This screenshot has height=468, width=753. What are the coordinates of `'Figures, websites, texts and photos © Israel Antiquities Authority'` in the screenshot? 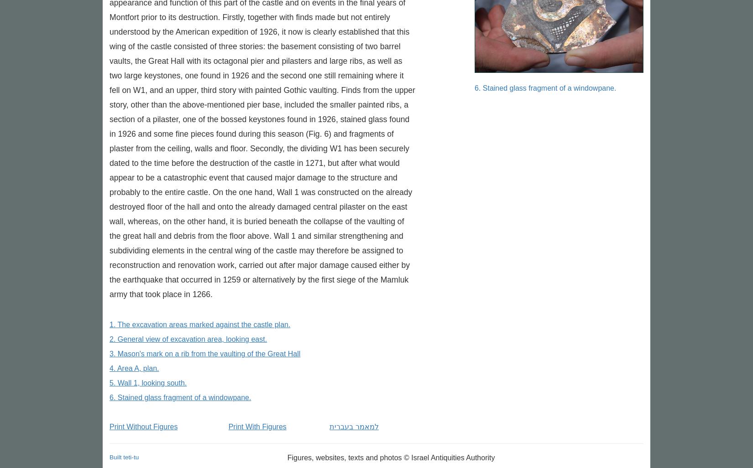 It's located at (286, 457).